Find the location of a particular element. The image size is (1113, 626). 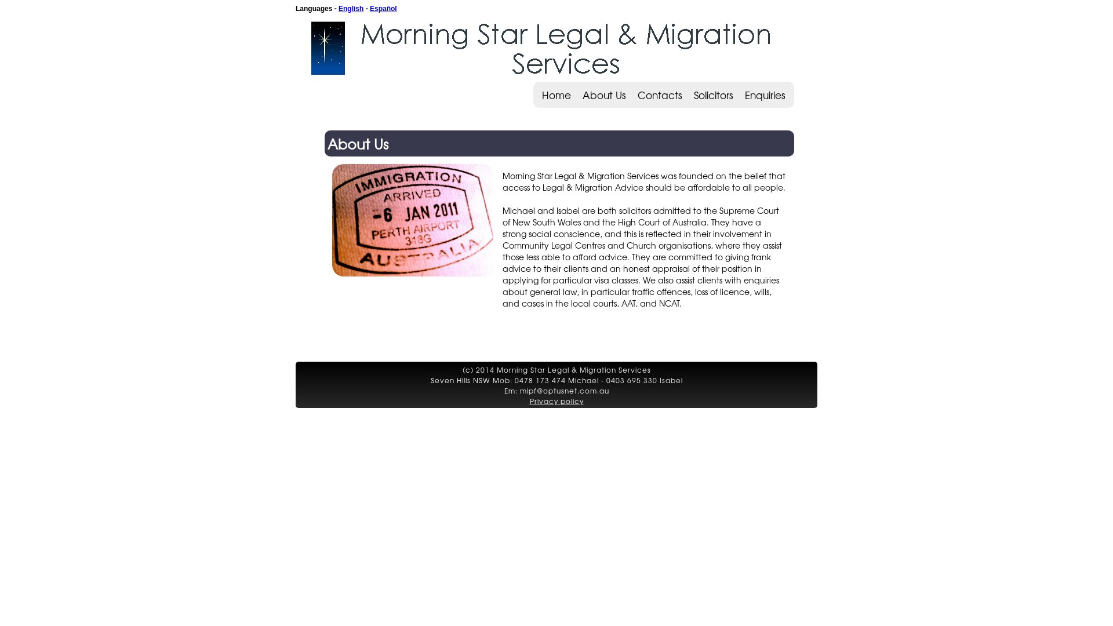

'Home' is located at coordinates (556, 94).